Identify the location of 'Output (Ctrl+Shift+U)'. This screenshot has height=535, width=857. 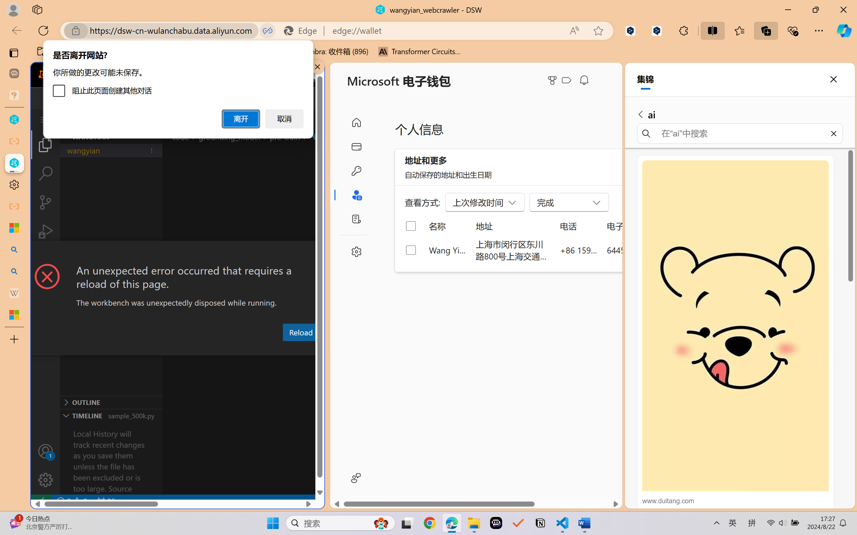
(233, 349).